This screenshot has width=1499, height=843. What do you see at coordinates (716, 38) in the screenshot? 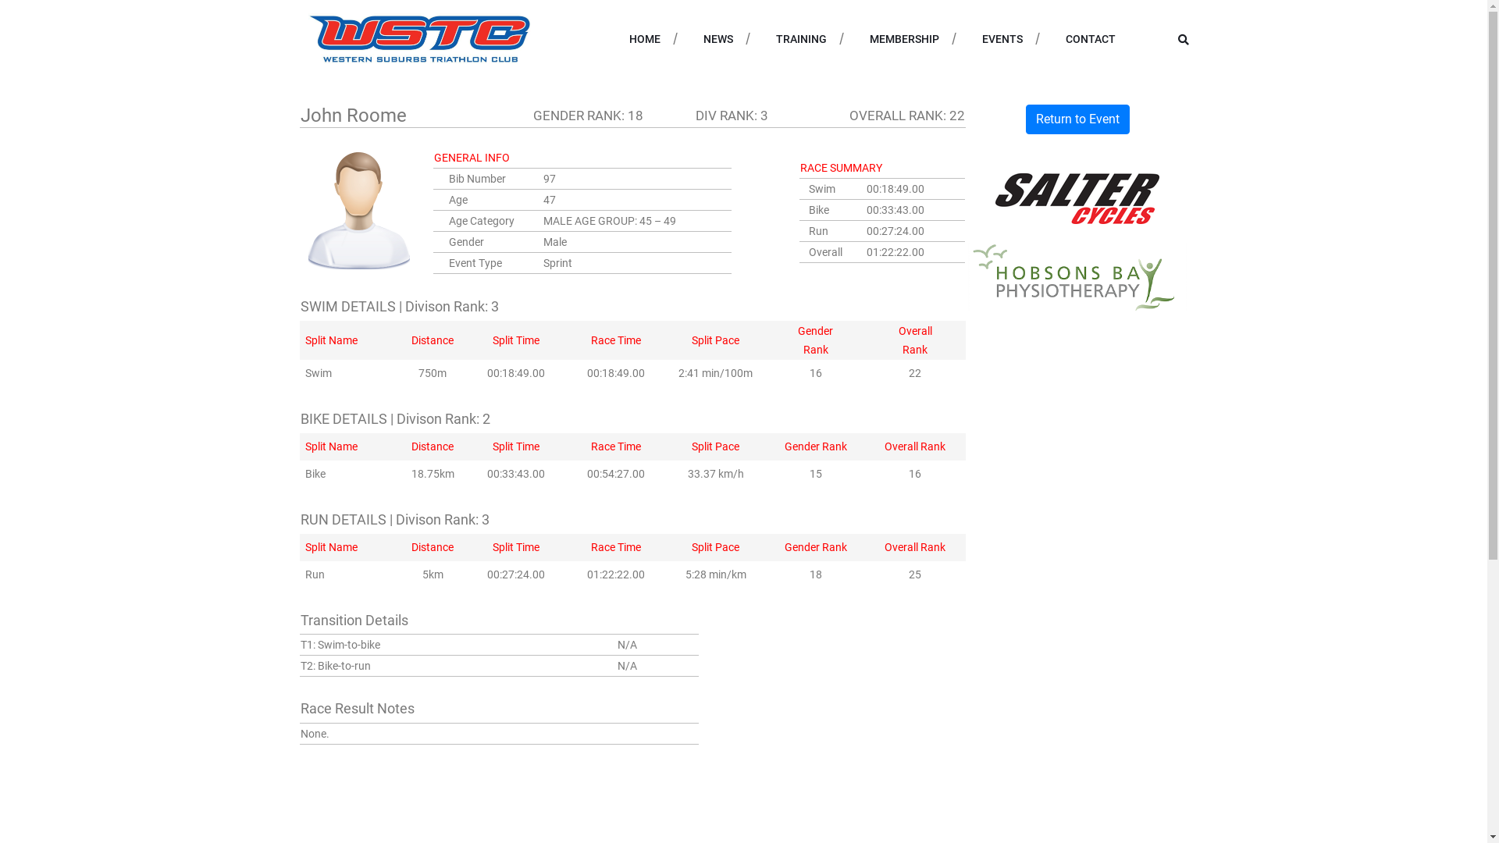
I see `'NEWS'` at bounding box center [716, 38].